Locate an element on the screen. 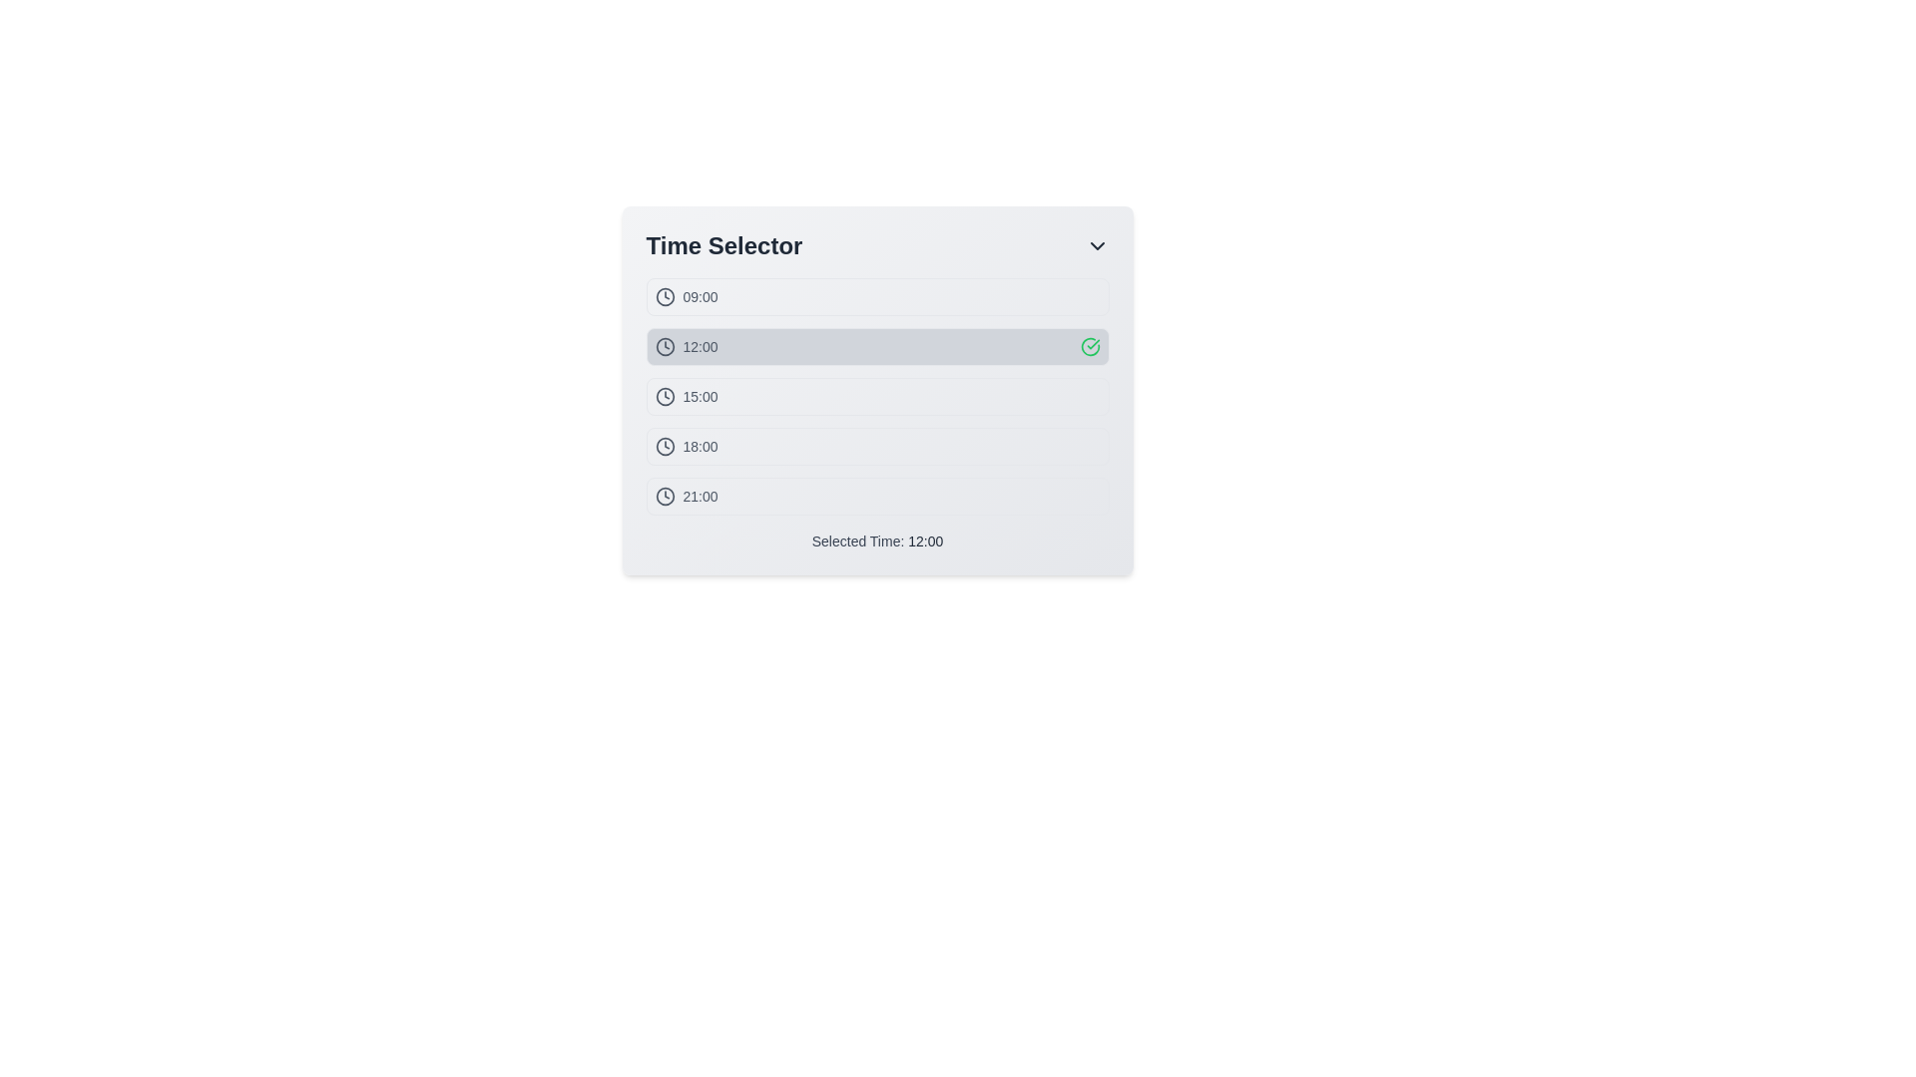  the '18:00' time option button located in the fourth position from the top of the time selector interface, which is situated below the '15:00' button and above the '21:00' button is located at coordinates (877, 445).